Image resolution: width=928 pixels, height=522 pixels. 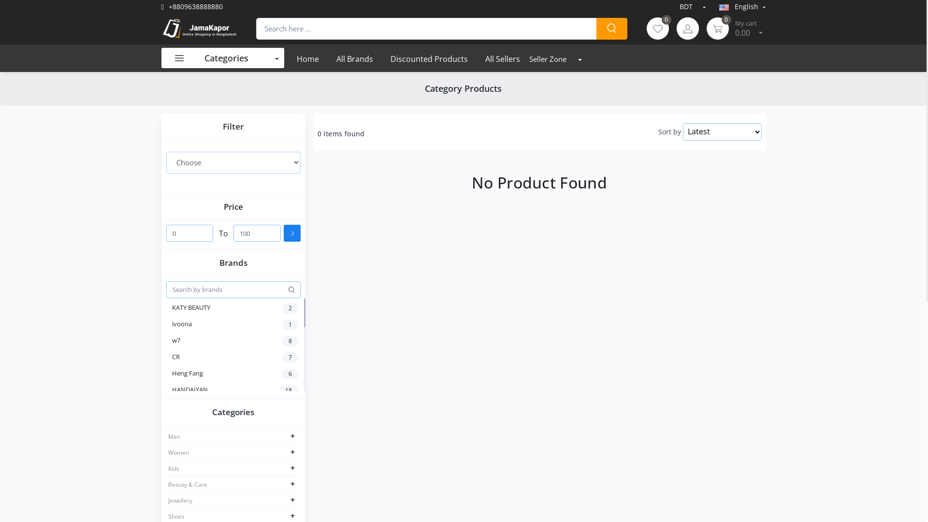 What do you see at coordinates (503, 58) in the screenshot?
I see `'All Sellers'` at bounding box center [503, 58].